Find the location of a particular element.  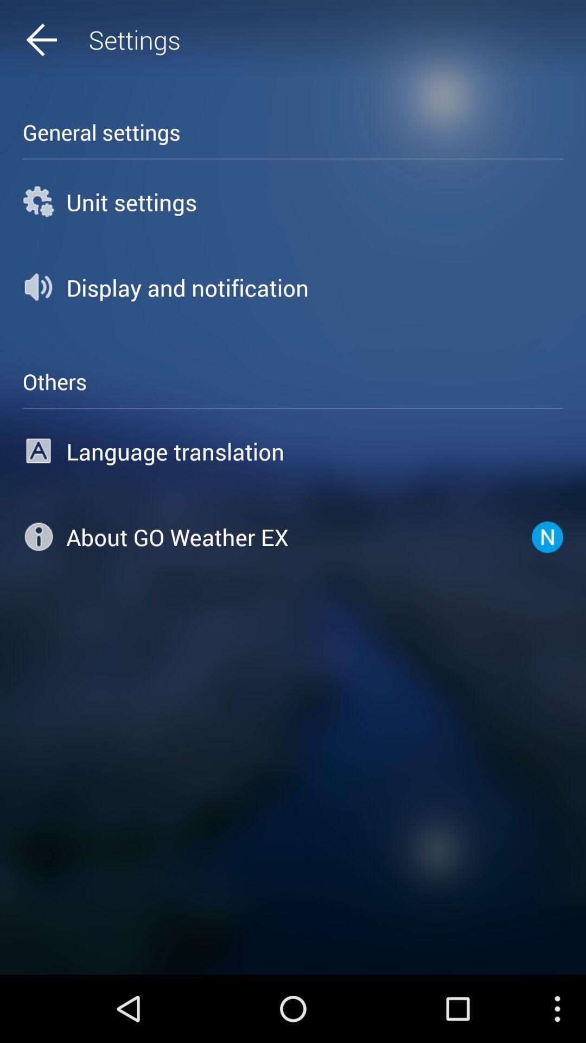

the display and notification item is located at coordinates (293, 287).